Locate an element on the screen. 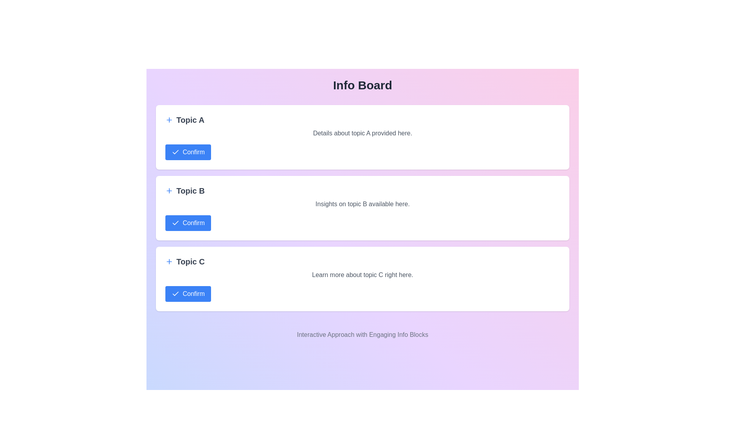 The width and height of the screenshot is (756, 425). the text label that says 'Insights on topic B available here.' which is gray in color and centered within the 'Topic B' section, positioned below the heading 'Topic B' and above the 'Confirm' button is located at coordinates (362, 204).